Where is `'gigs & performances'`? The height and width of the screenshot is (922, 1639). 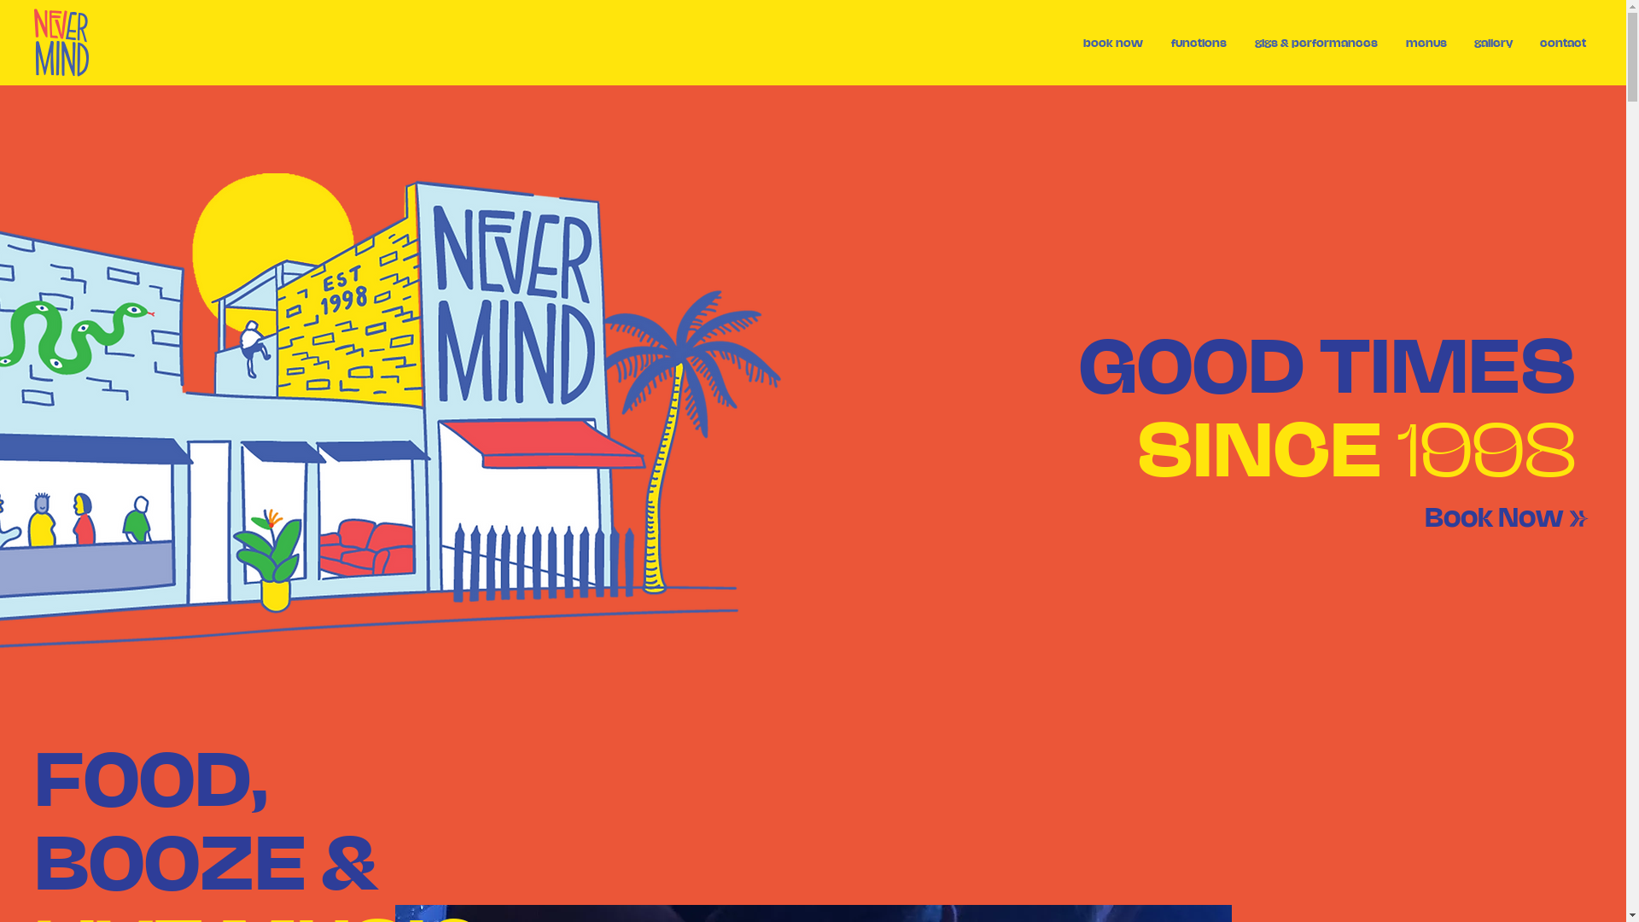
'gigs & performances' is located at coordinates (1315, 41).